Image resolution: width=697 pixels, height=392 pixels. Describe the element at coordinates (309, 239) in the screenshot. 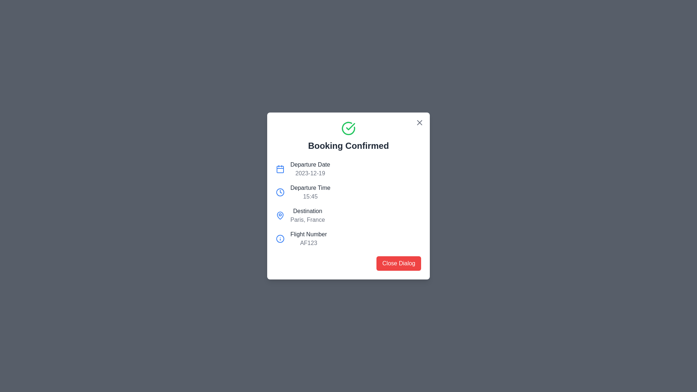

I see `the flight number label in the lower part of the dialog box, which is the fourth item in a vertical list and located to the right of an information icon` at that location.